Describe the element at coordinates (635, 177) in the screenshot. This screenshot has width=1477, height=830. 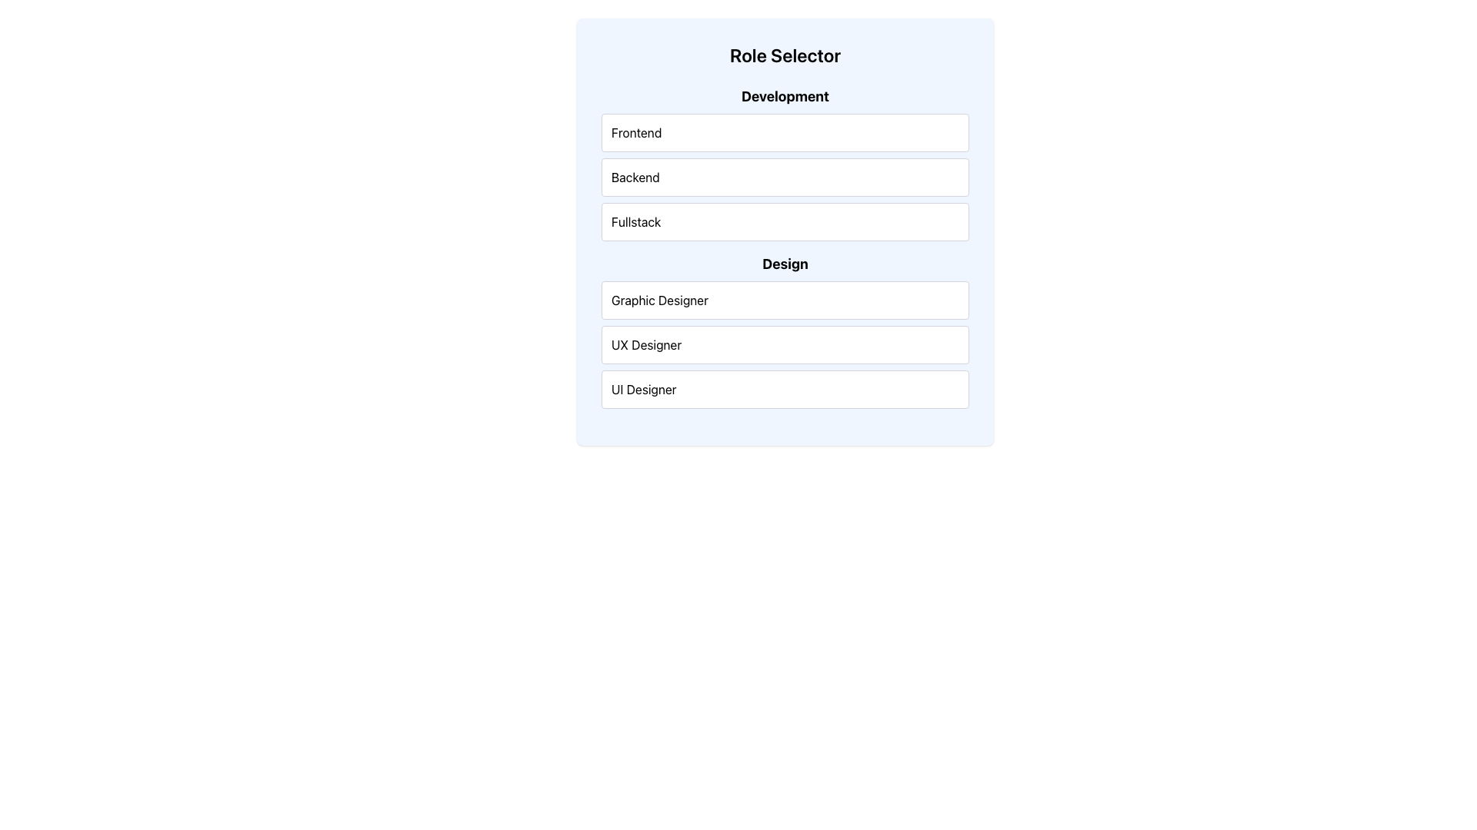
I see `the 'Backend' text label in the vertical list of roles under 'Development', which is positioned below 'Frontend' and above 'Fullstack'` at that location.